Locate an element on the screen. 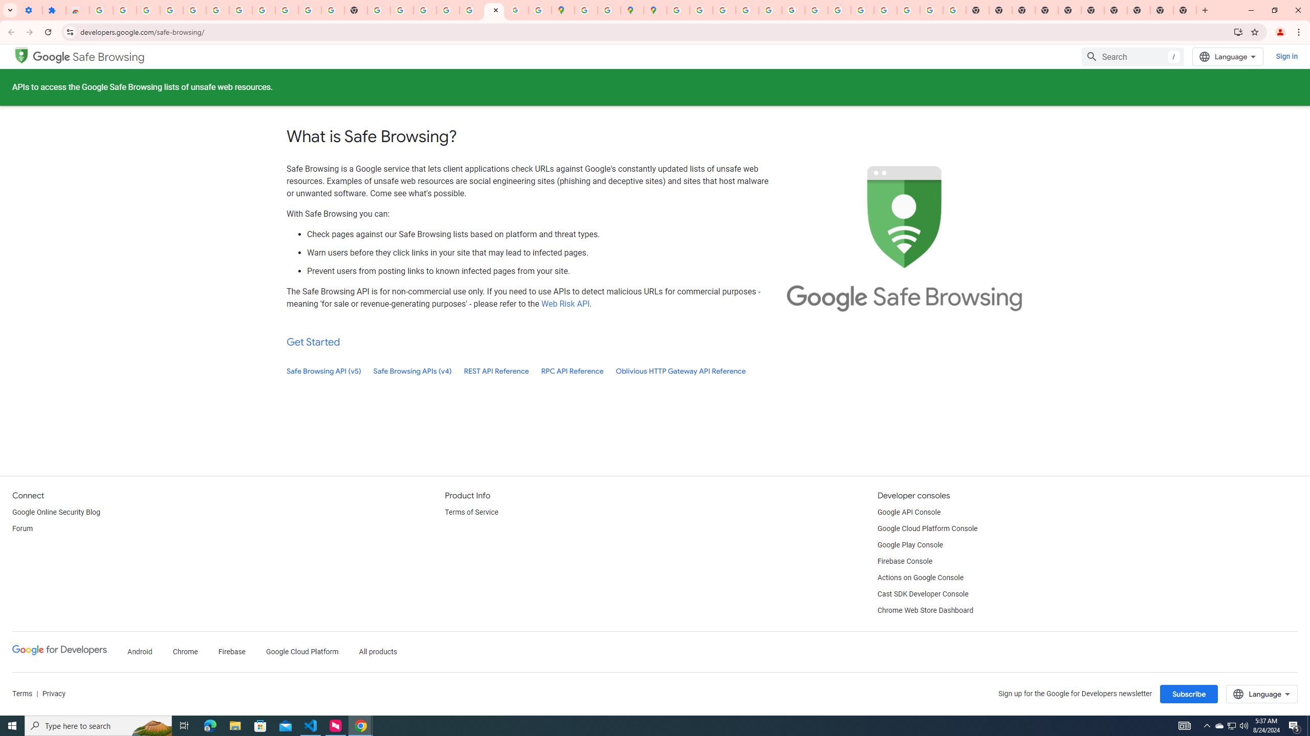 This screenshot has width=1310, height=736. 'REST API Reference' is located at coordinates (496, 371).